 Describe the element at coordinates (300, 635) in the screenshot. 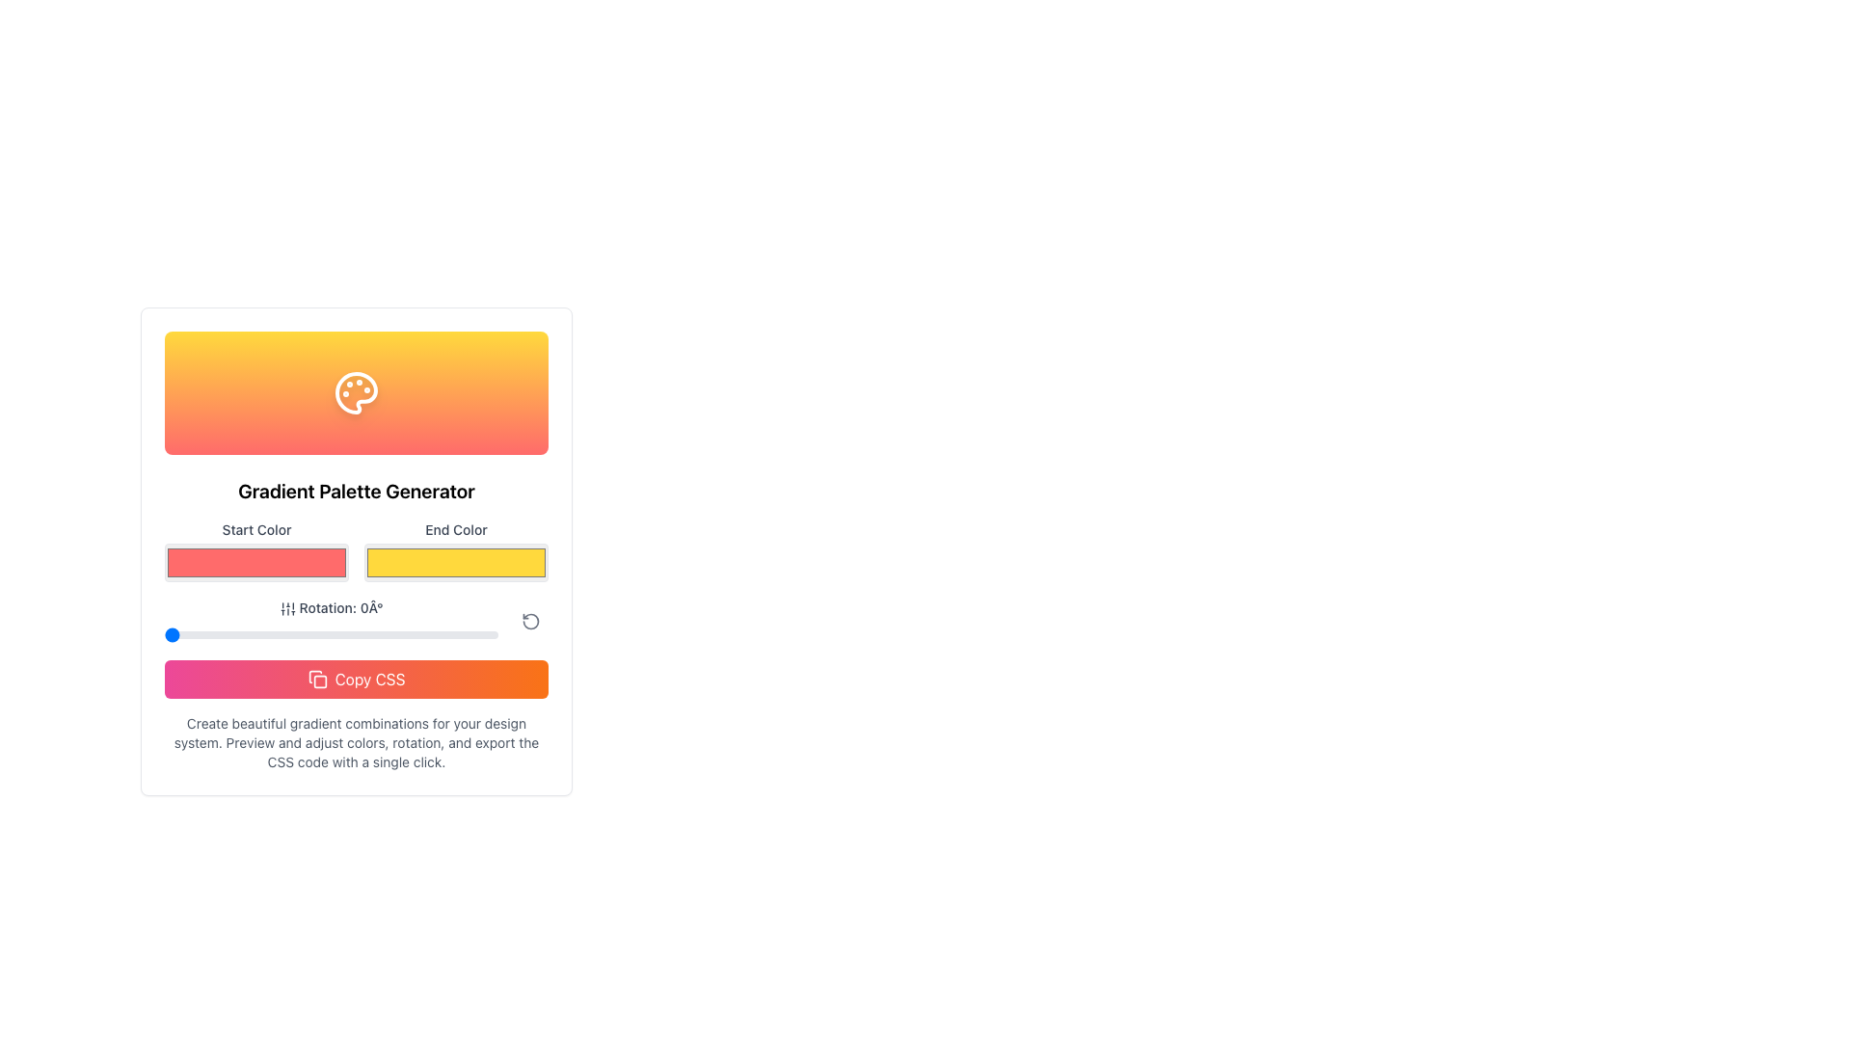

I see `rotation` at that location.